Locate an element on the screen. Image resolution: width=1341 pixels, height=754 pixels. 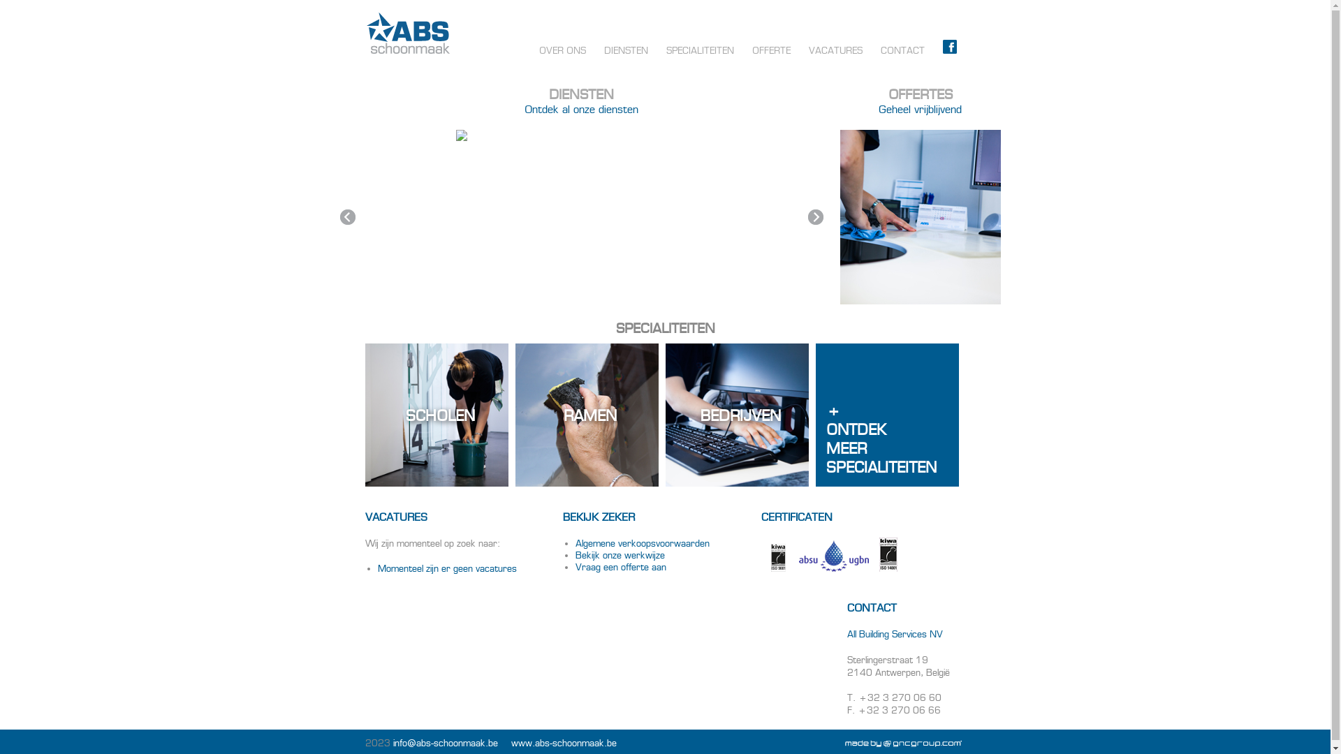
'ABSU Cleaning Quality Label' is located at coordinates (834, 555).